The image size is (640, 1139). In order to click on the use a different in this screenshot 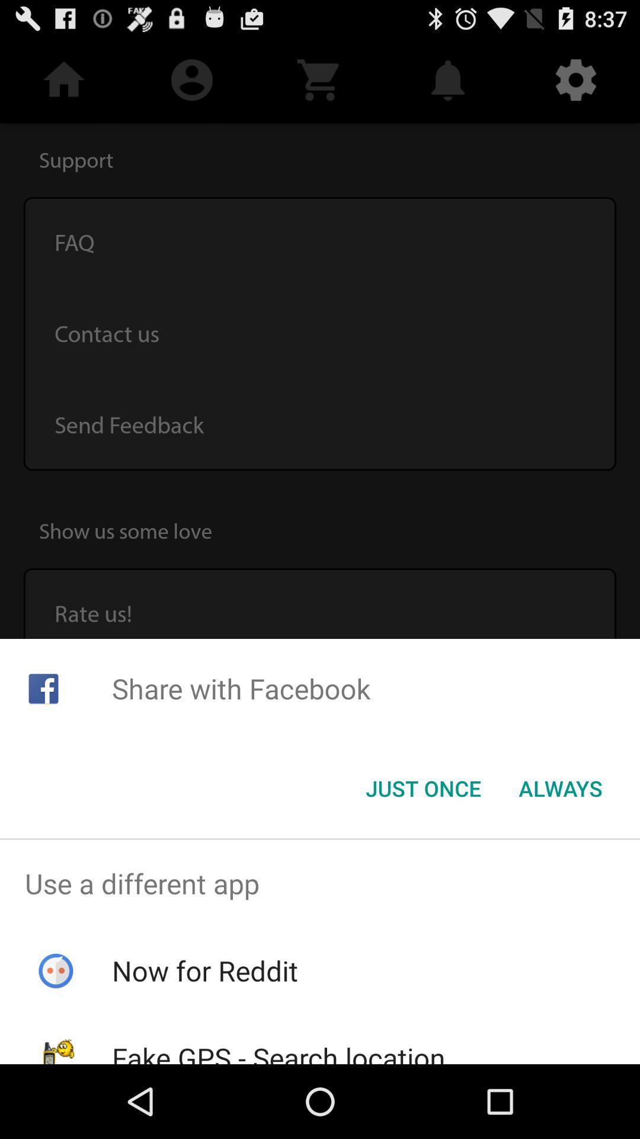, I will do `click(320, 883)`.